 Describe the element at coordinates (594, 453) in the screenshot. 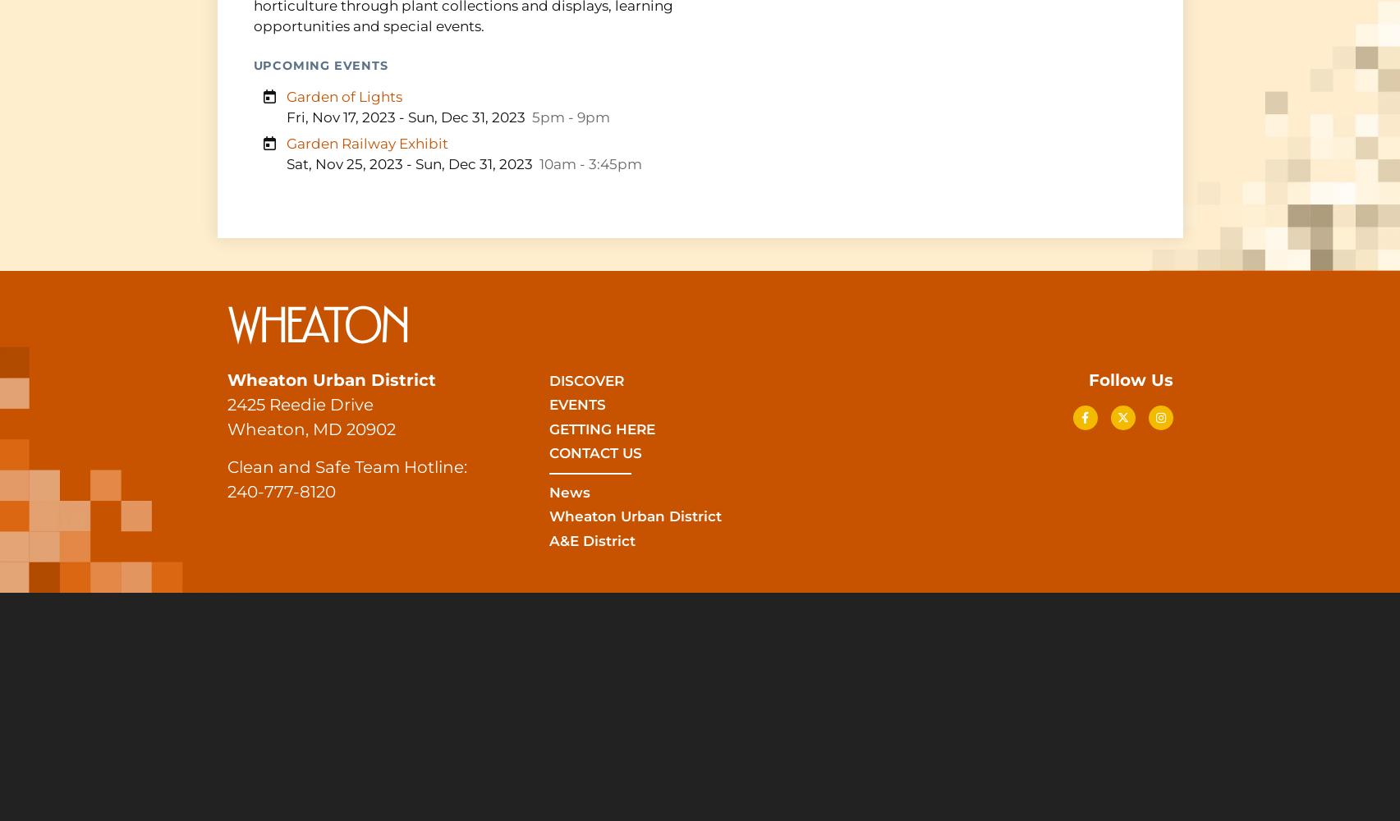

I see `'Contact Us'` at that location.